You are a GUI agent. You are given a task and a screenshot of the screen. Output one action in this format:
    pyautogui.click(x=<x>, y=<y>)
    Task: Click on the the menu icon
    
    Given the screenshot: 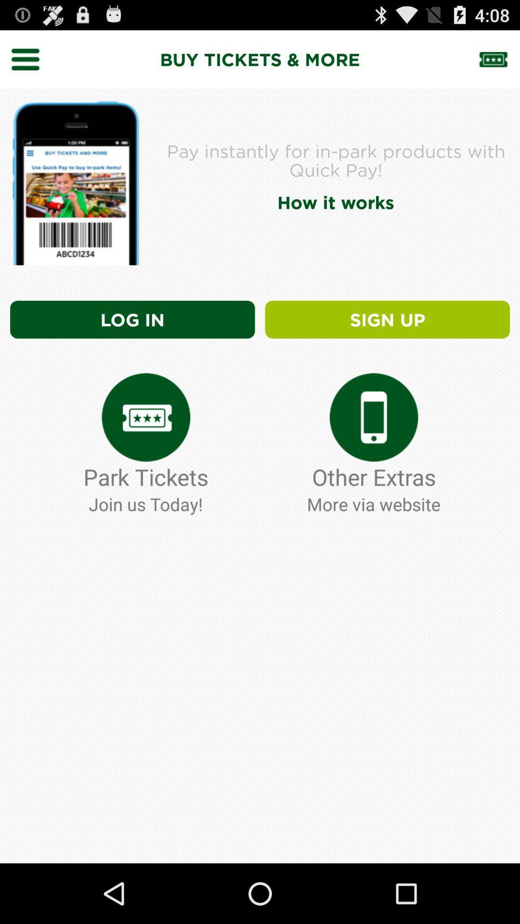 What is the action you would take?
    pyautogui.click(x=31, y=63)
    